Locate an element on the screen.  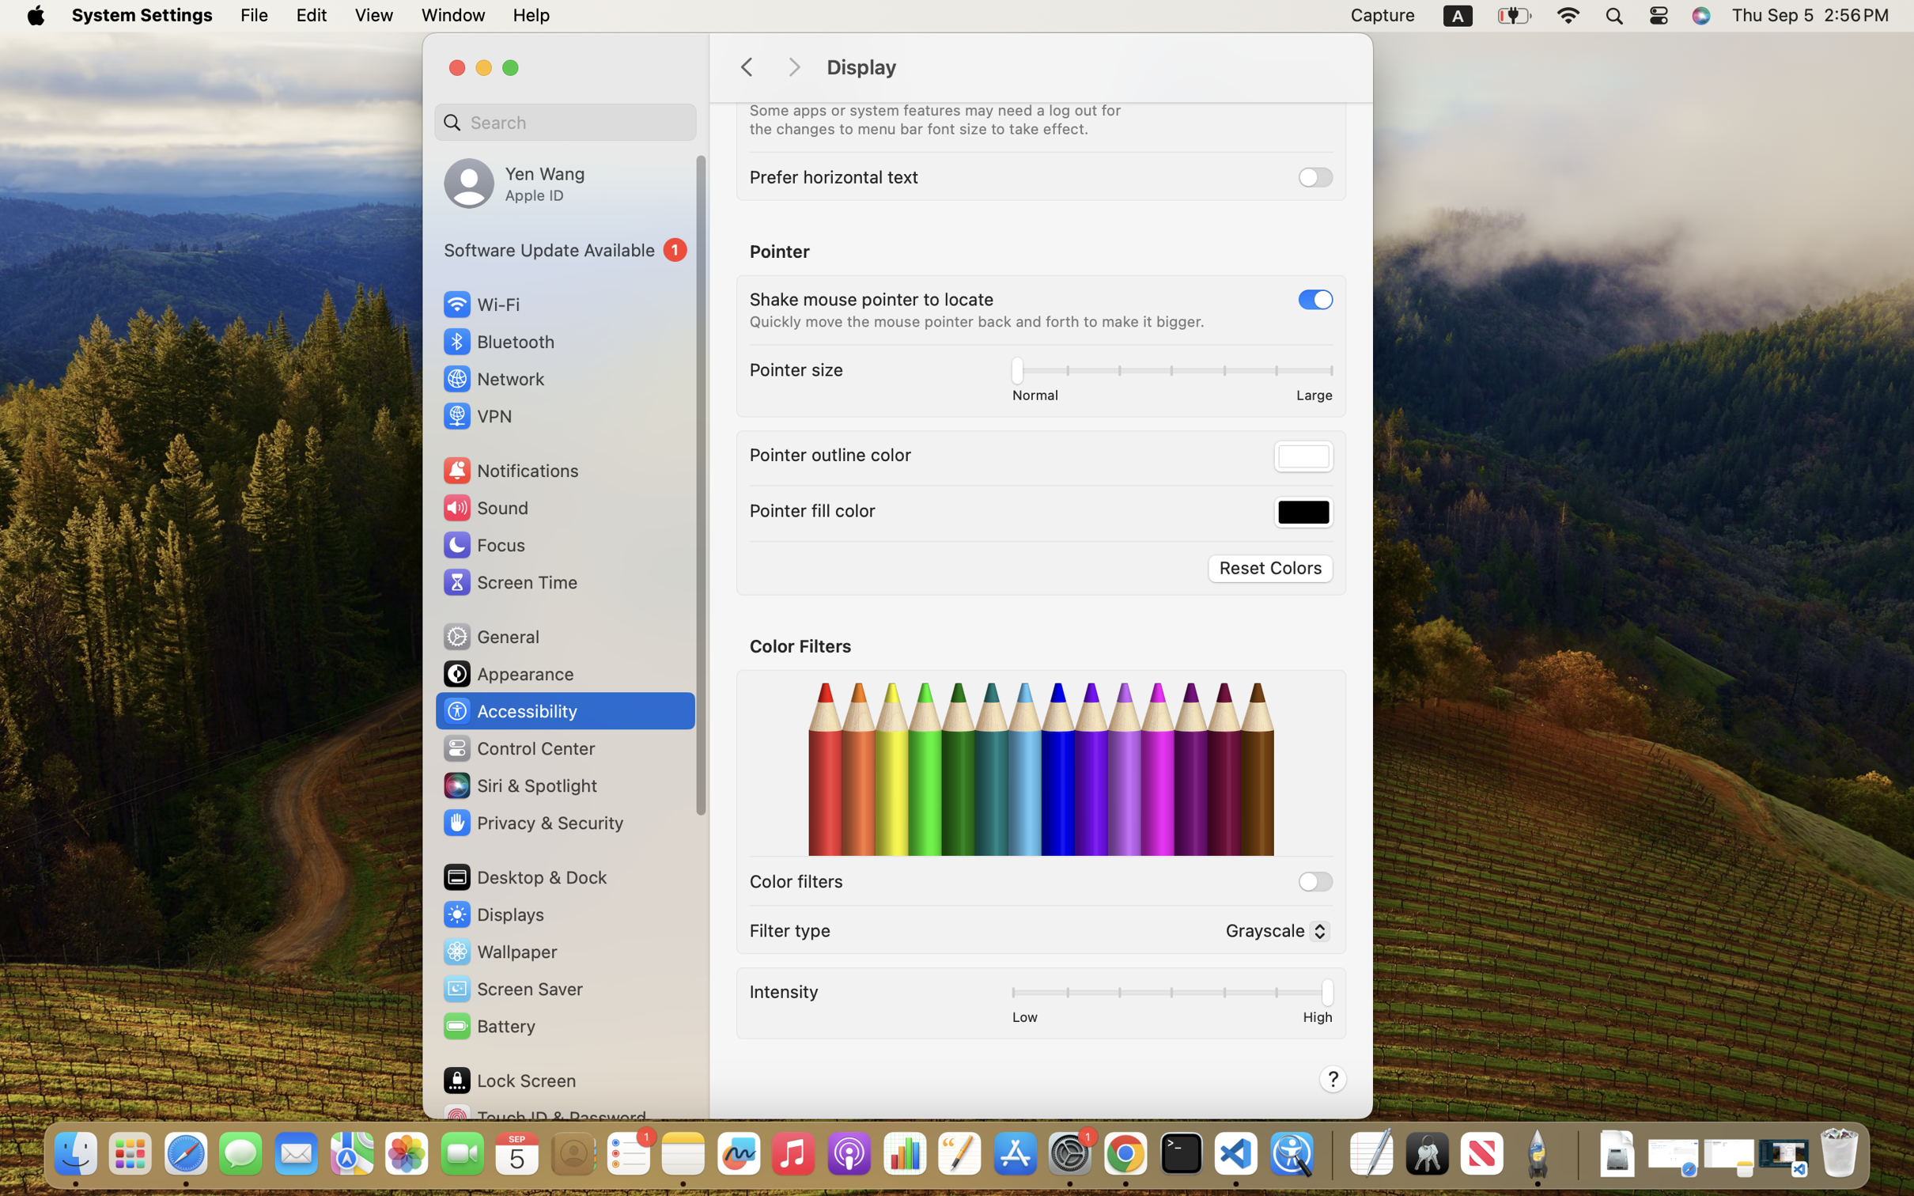
'Siri & Spotlight' is located at coordinates (518, 785).